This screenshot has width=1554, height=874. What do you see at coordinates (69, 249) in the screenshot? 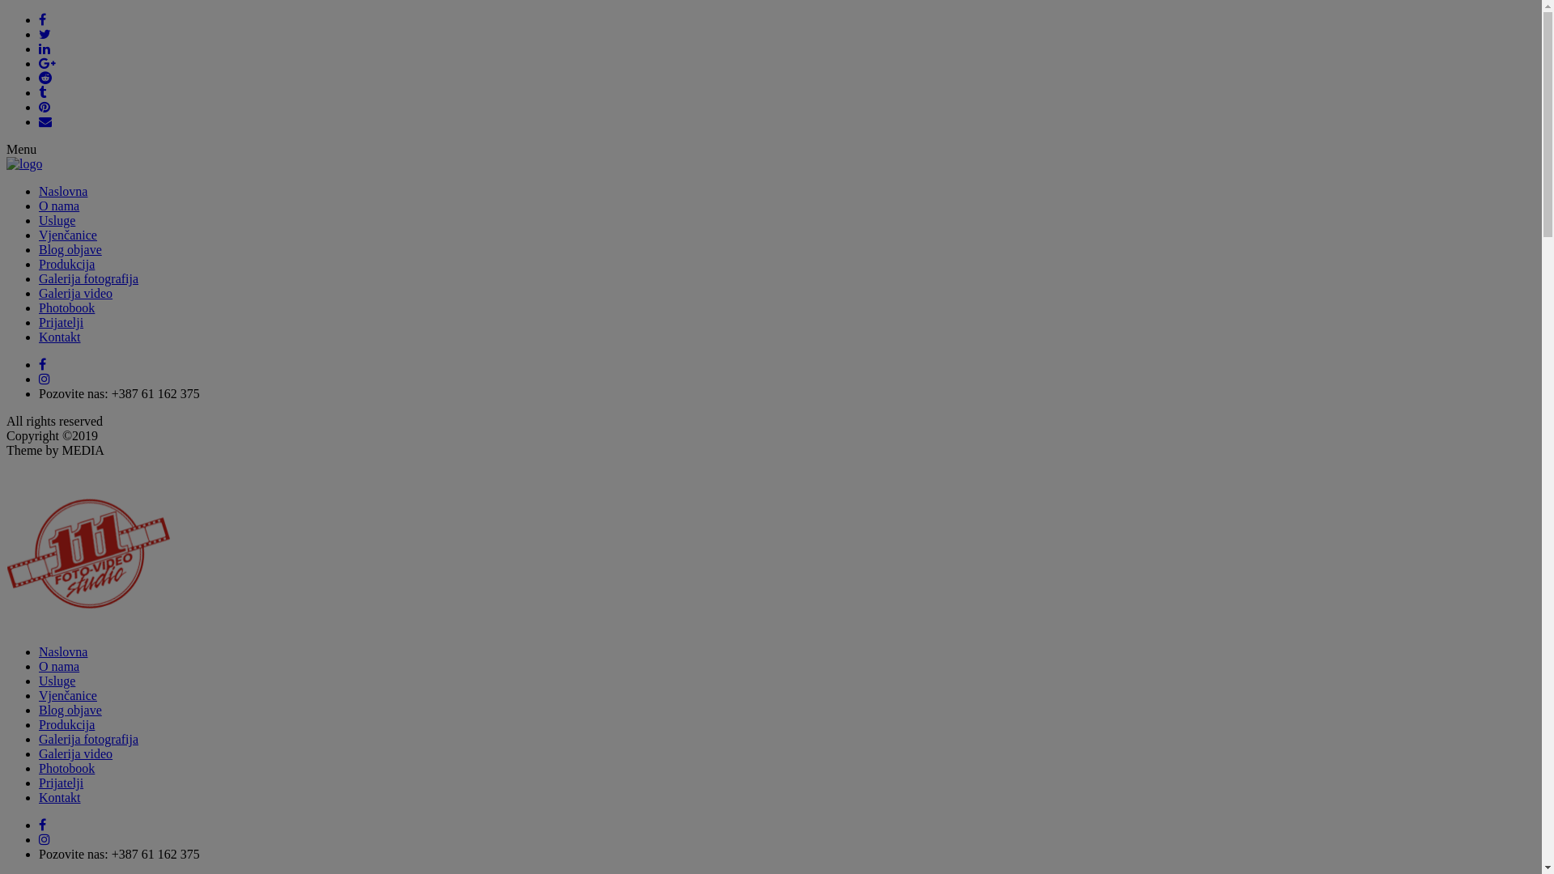
I see `'Blog objave'` at bounding box center [69, 249].